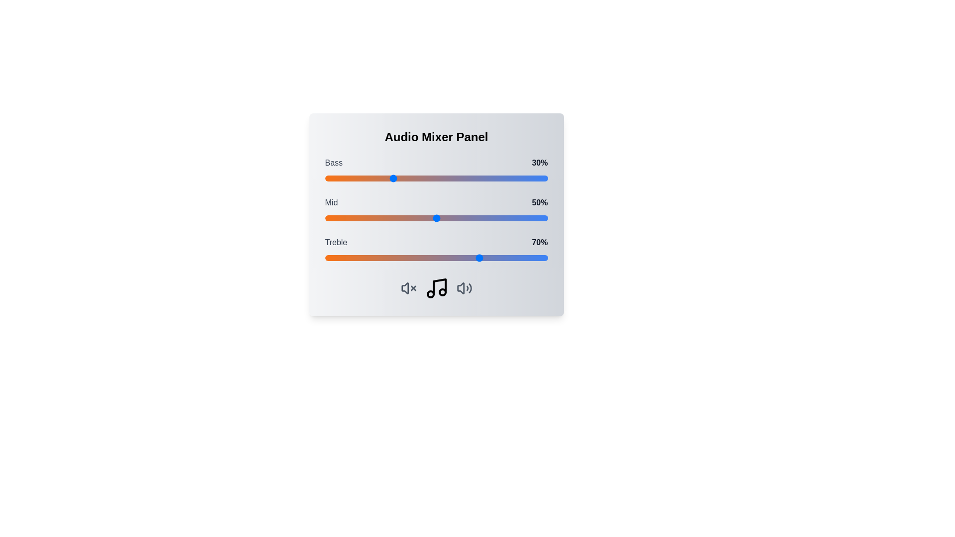 Image resolution: width=955 pixels, height=537 pixels. I want to click on the mute icon to interact with the corresponding volume control, so click(408, 288).